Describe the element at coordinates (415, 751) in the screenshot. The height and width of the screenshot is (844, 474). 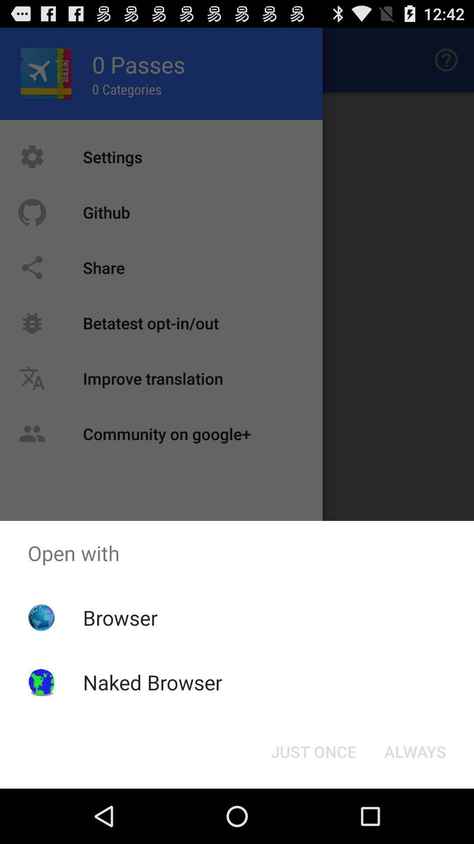
I see `the item to the right of just once button` at that location.